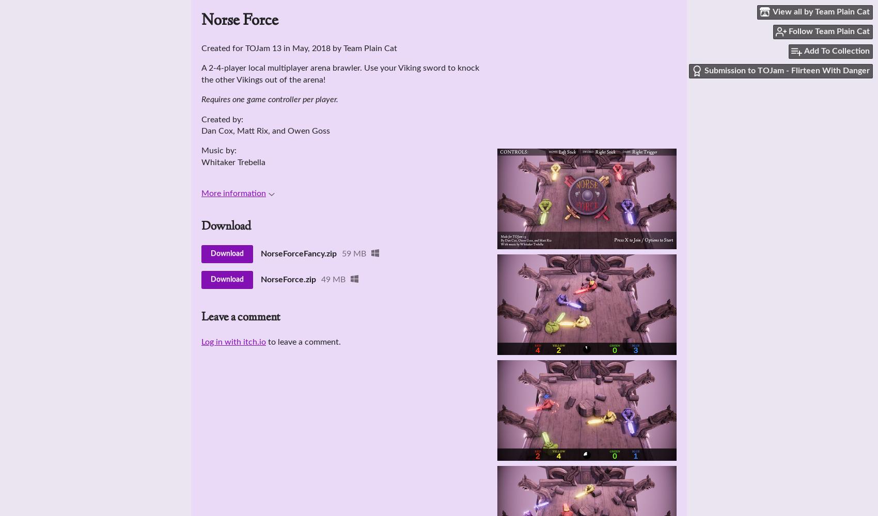  What do you see at coordinates (804, 51) in the screenshot?
I see `'Add To Collection'` at bounding box center [804, 51].